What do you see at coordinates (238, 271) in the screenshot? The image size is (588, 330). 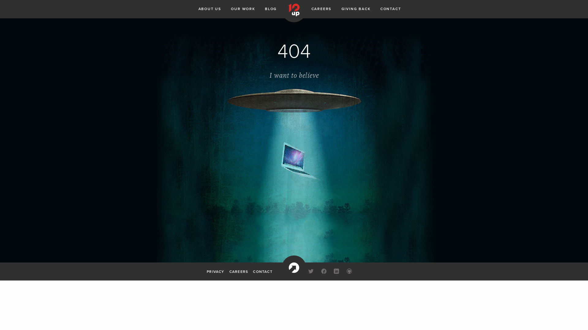 I see `'CAREERS'` at bounding box center [238, 271].